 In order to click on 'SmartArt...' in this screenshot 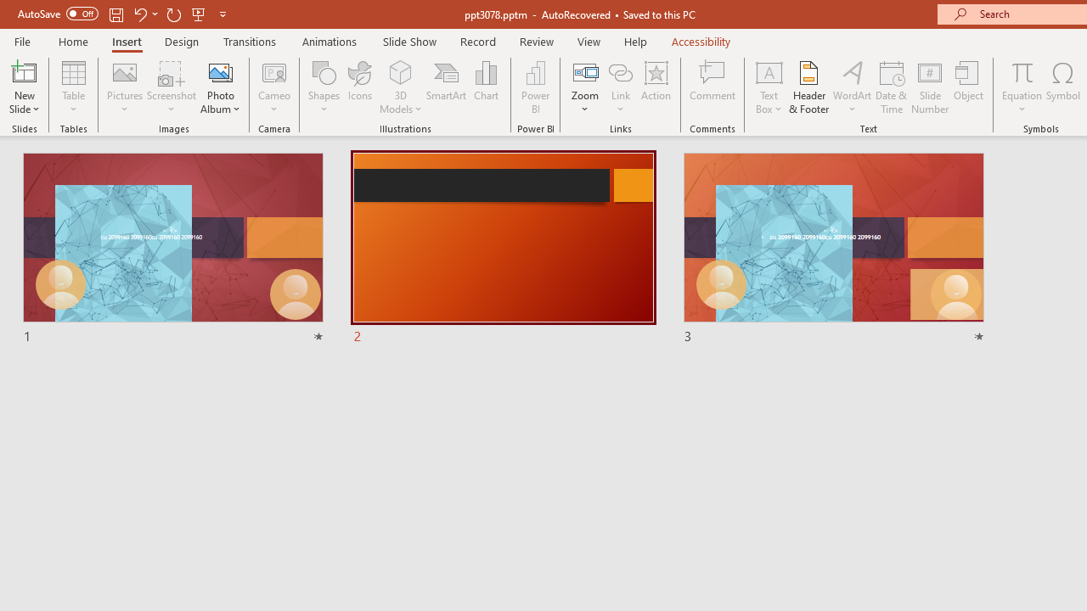, I will do `click(447, 87)`.